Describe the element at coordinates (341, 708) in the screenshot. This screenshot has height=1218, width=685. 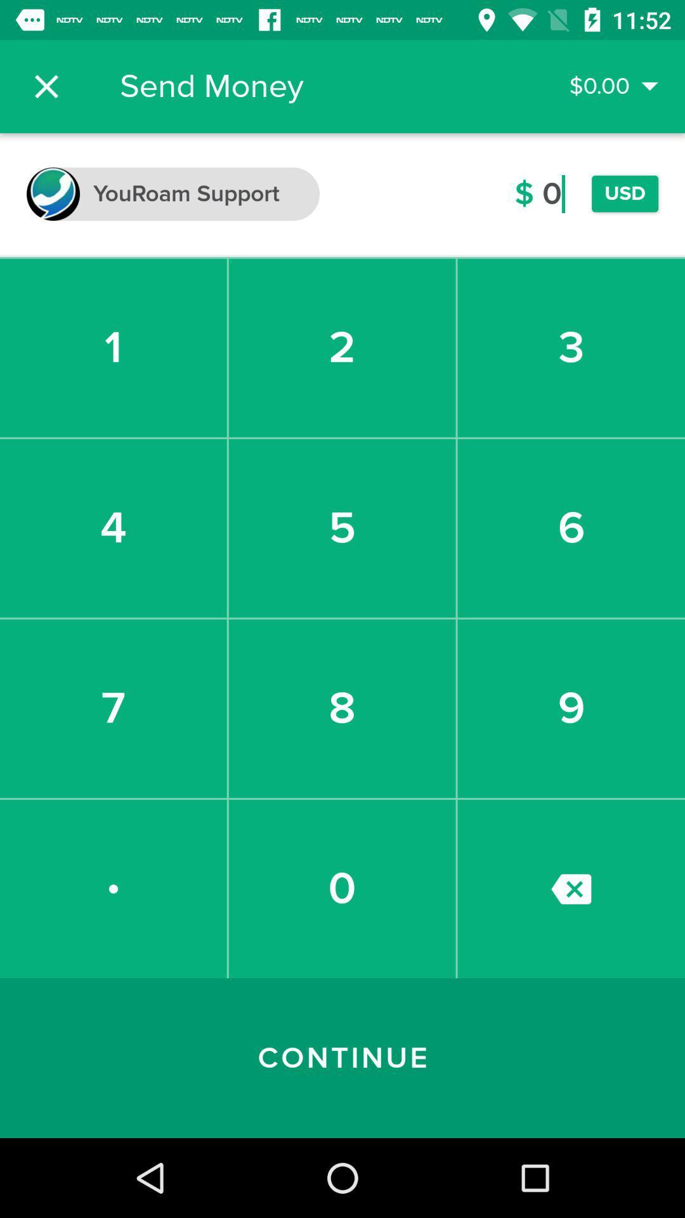
I see `8` at that location.